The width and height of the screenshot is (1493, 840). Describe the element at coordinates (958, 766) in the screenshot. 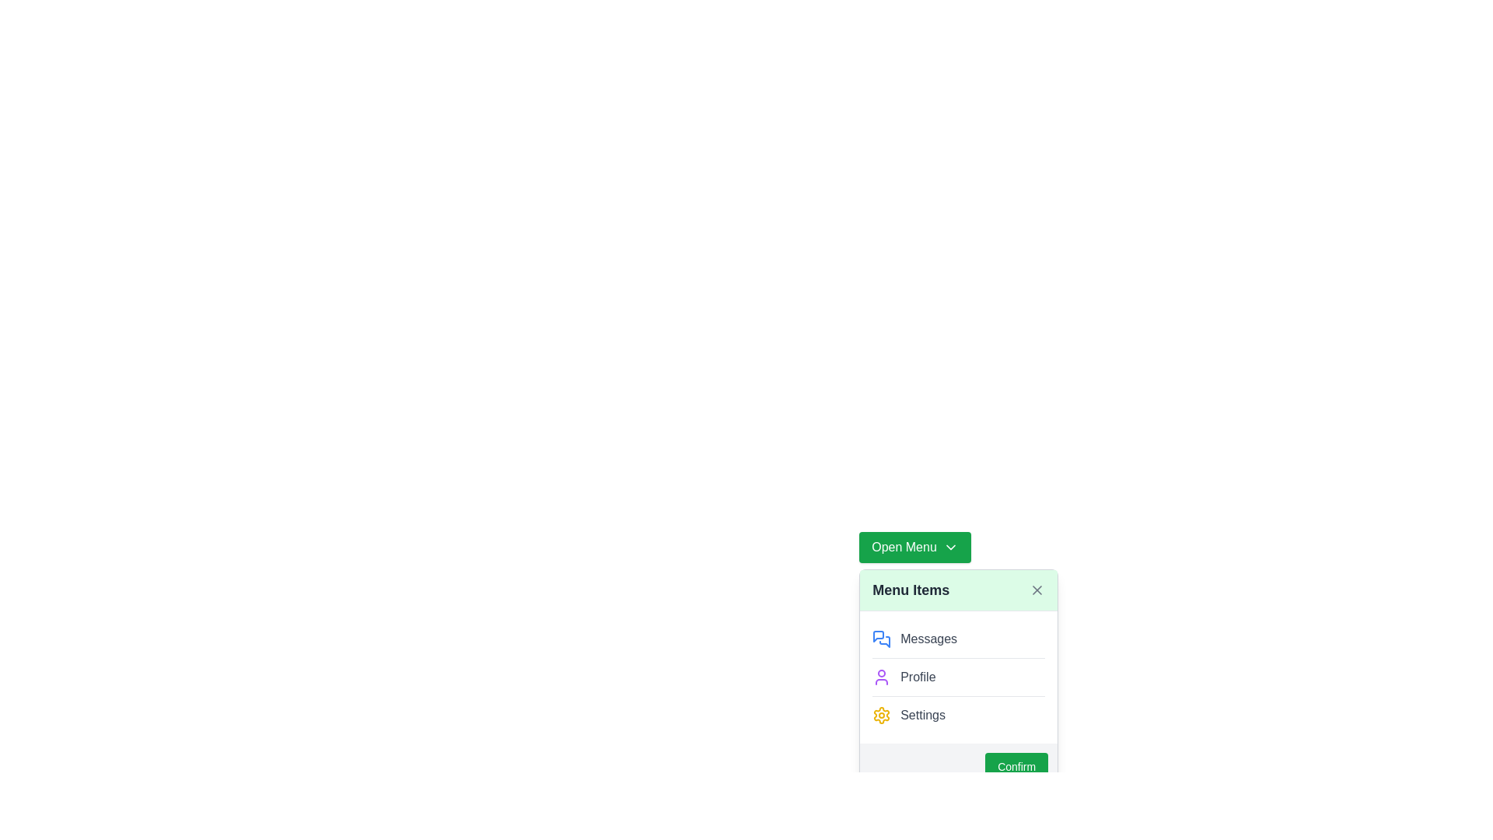

I see `the confirmation button located at the bottom-right of the dropdown menu to observe its hover state` at that location.